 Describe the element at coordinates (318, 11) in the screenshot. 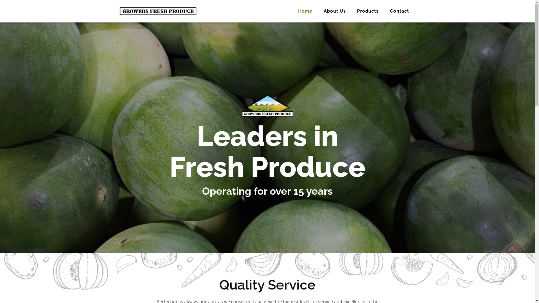

I see `'About Us'` at that location.